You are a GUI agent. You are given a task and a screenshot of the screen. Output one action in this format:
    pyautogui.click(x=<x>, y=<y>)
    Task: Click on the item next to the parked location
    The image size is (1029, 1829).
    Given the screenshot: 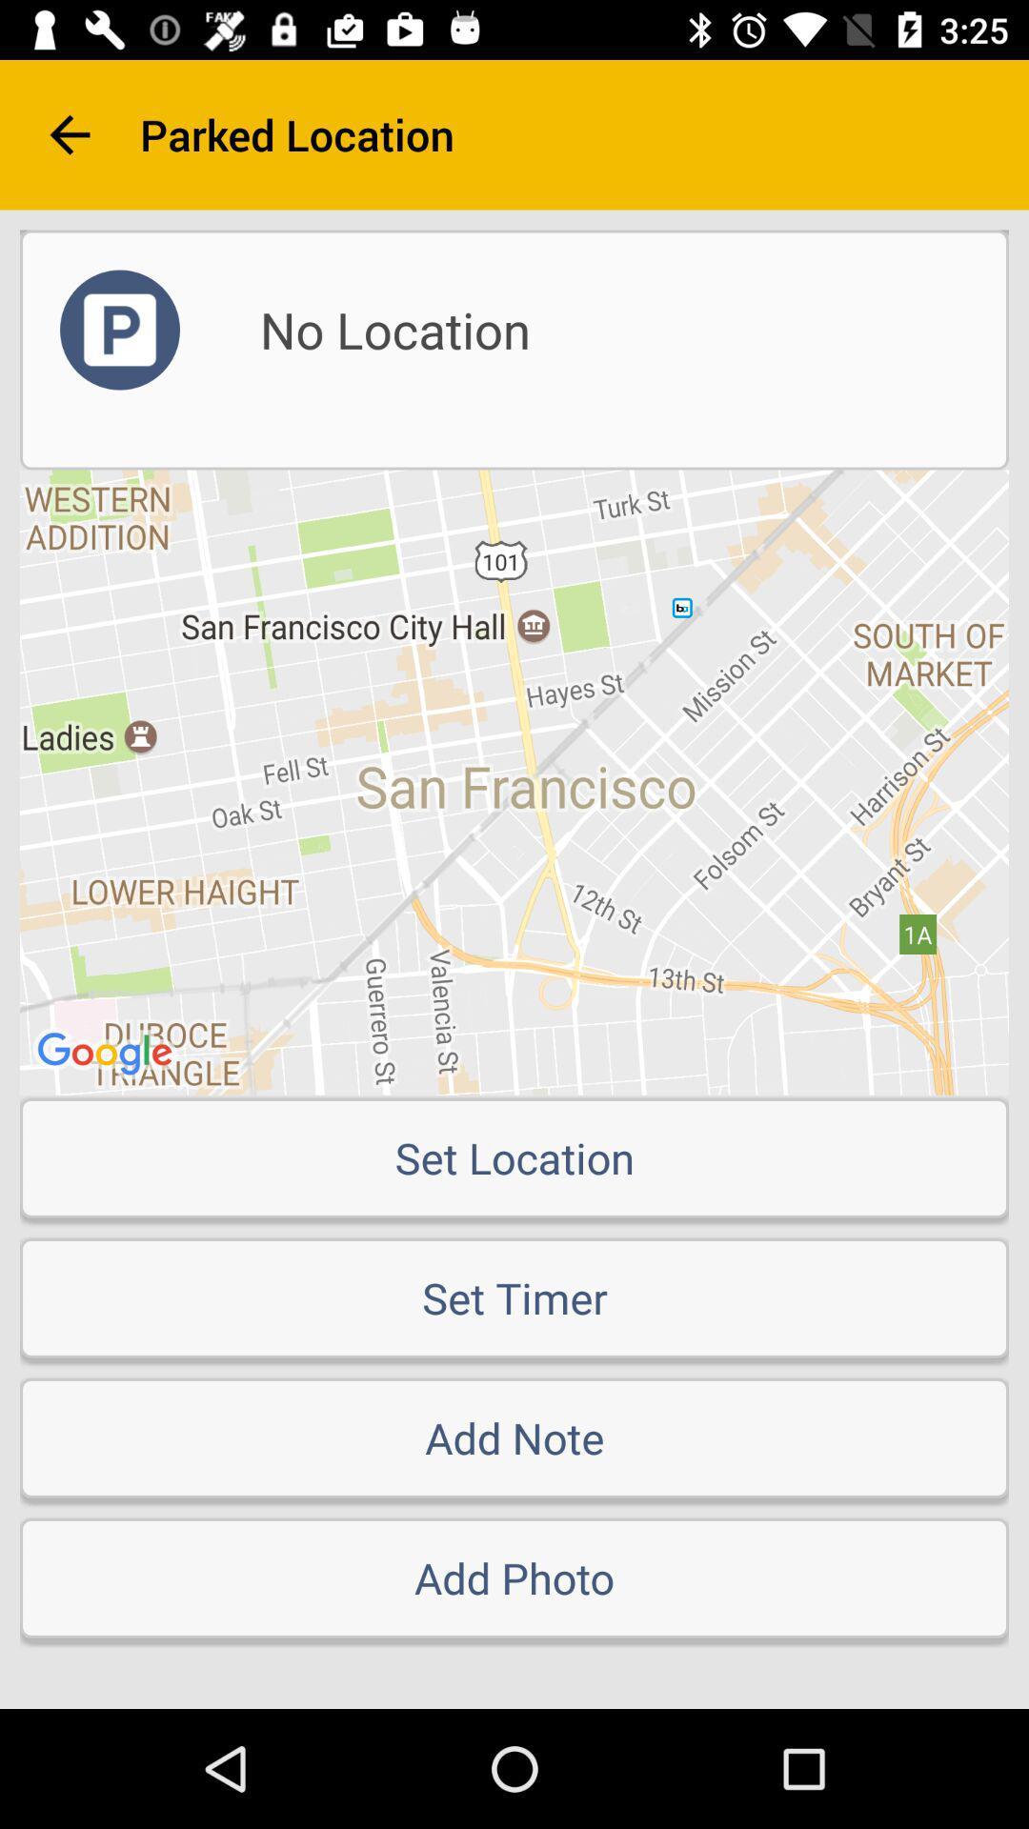 What is the action you would take?
    pyautogui.click(x=69, y=133)
    